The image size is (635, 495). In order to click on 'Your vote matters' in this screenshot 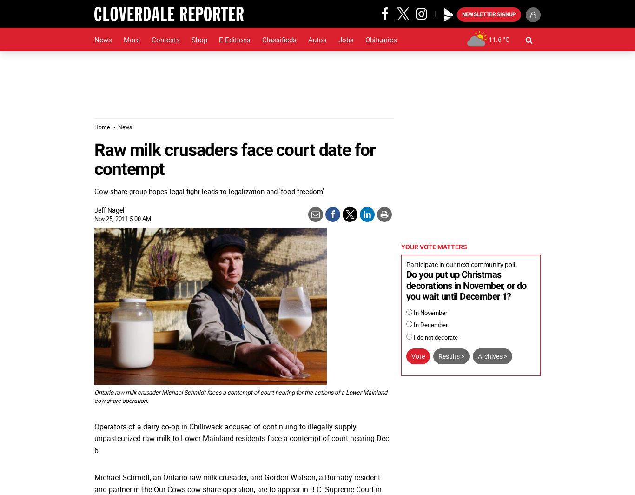, I will do `click(401, 247)`.